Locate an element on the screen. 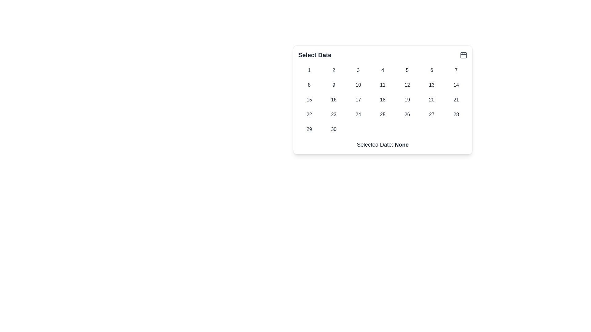 The width and height of the screenshot is (591, 332). the button representing the 15th day in the calendar date-picker interface is located at coordinates (309, 99).